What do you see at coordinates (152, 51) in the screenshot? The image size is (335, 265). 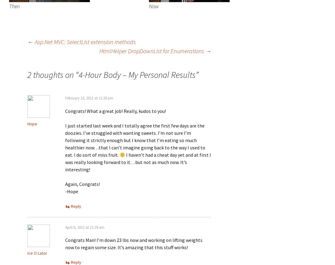 I see `'HtmlHelper DropDownList for Enumerations'` at bounding box center [152, 51].